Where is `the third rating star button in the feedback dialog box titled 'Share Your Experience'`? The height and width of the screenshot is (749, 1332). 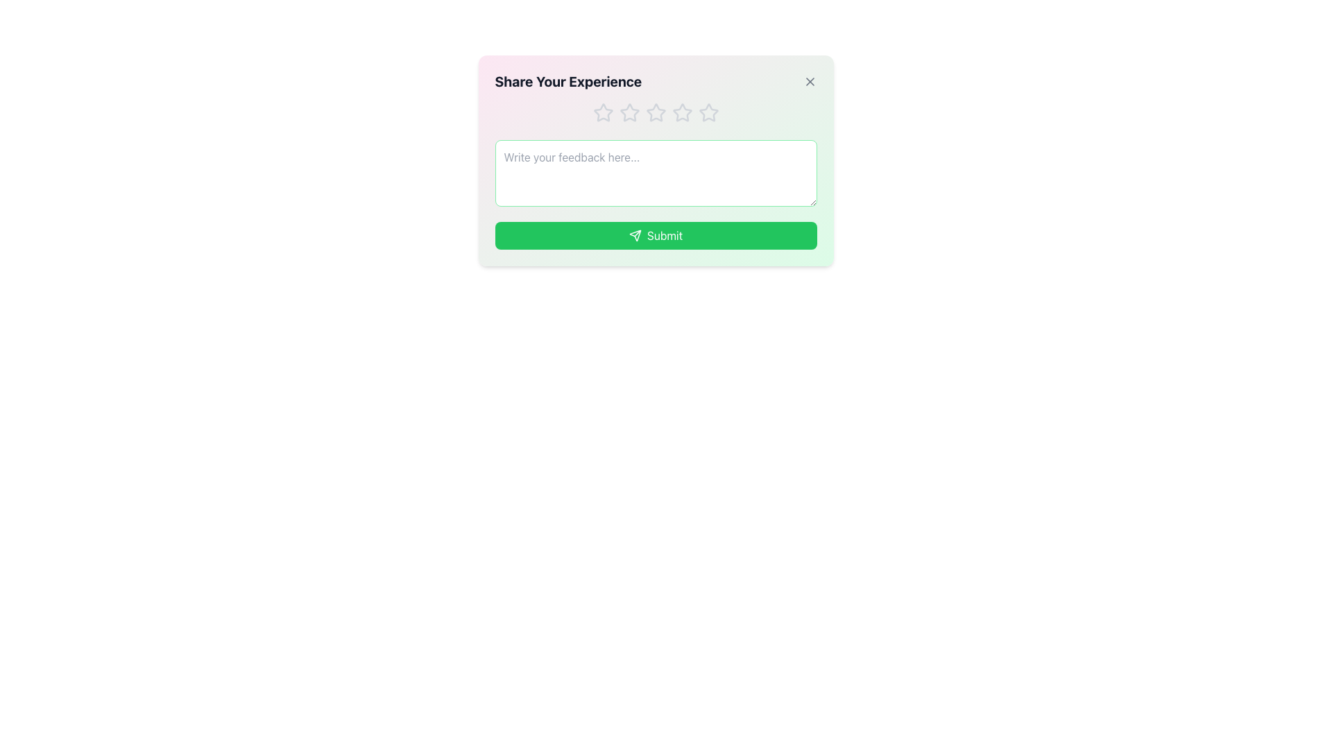
the third rating star button in the feedback dialog box titled 'Share Your Experience' is located at coordinates (682, 112).